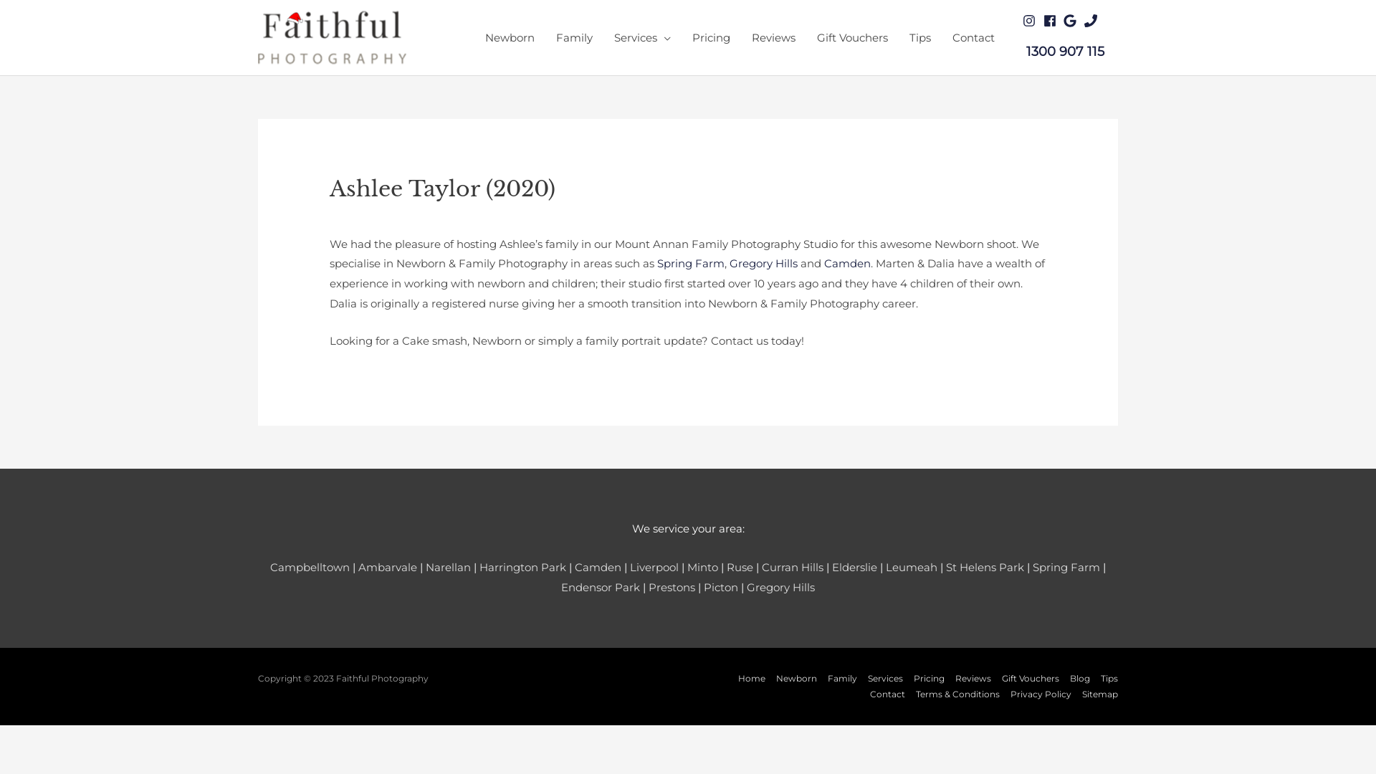 This screenshot has width=1376, height=774. Describe the element at coordinates (447, 566) in the screenshot. I see `'Narellan'` at that location.